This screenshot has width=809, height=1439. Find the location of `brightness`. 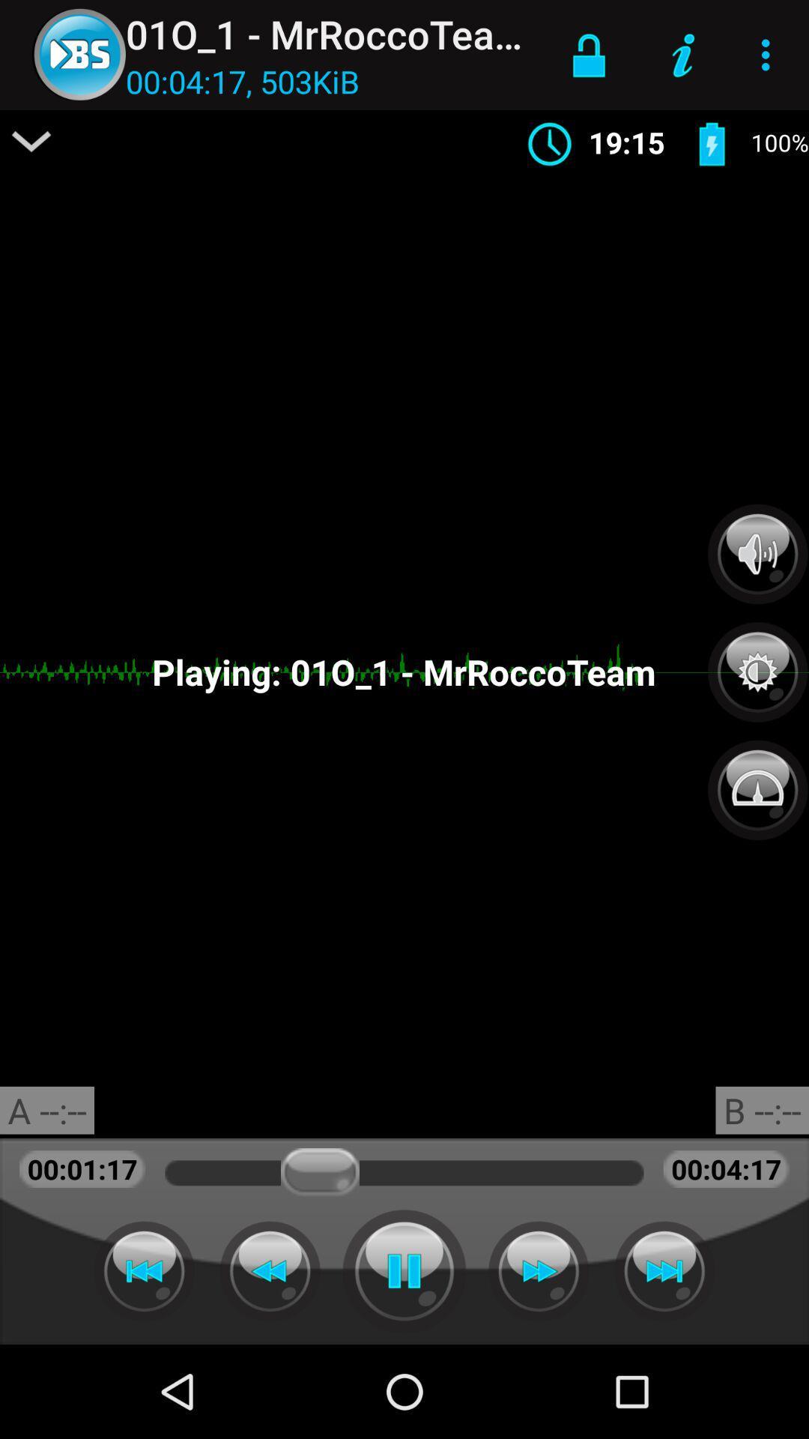

brightness is located at coordinates (757, 663).